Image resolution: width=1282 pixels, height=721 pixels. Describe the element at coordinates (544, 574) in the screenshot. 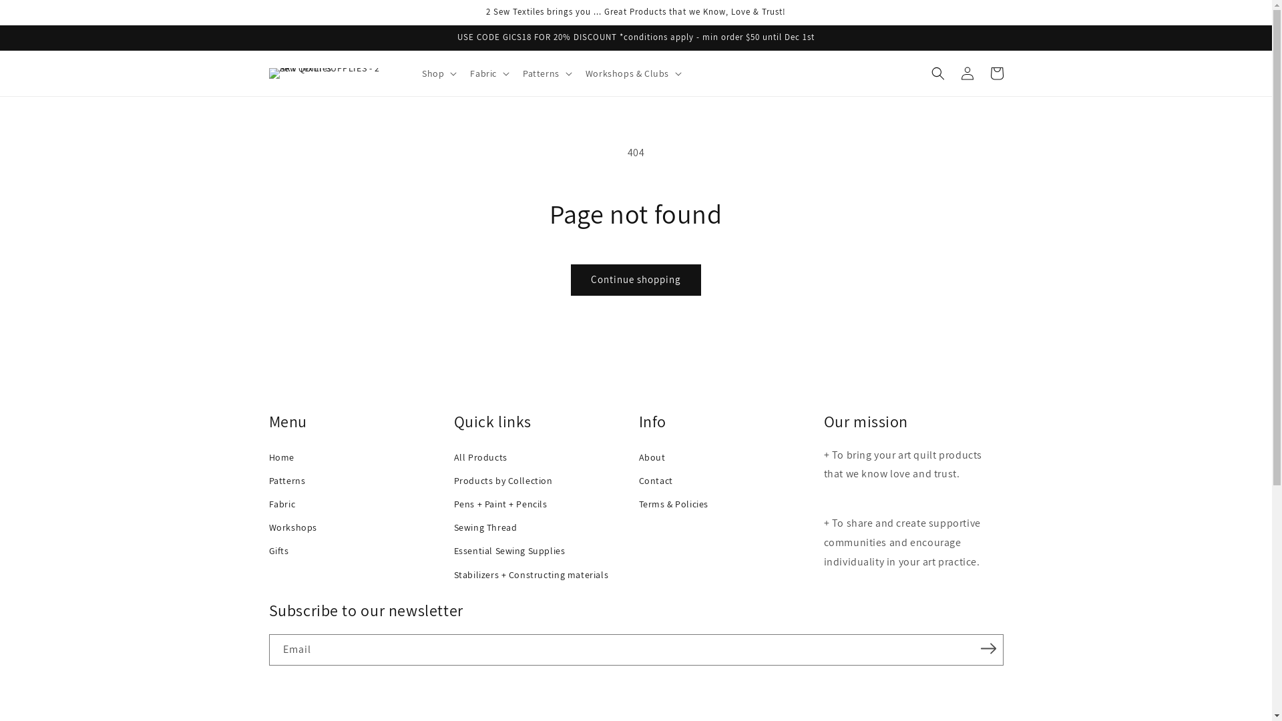

I see `'Stabilizers + Constructing materials'` at that location.